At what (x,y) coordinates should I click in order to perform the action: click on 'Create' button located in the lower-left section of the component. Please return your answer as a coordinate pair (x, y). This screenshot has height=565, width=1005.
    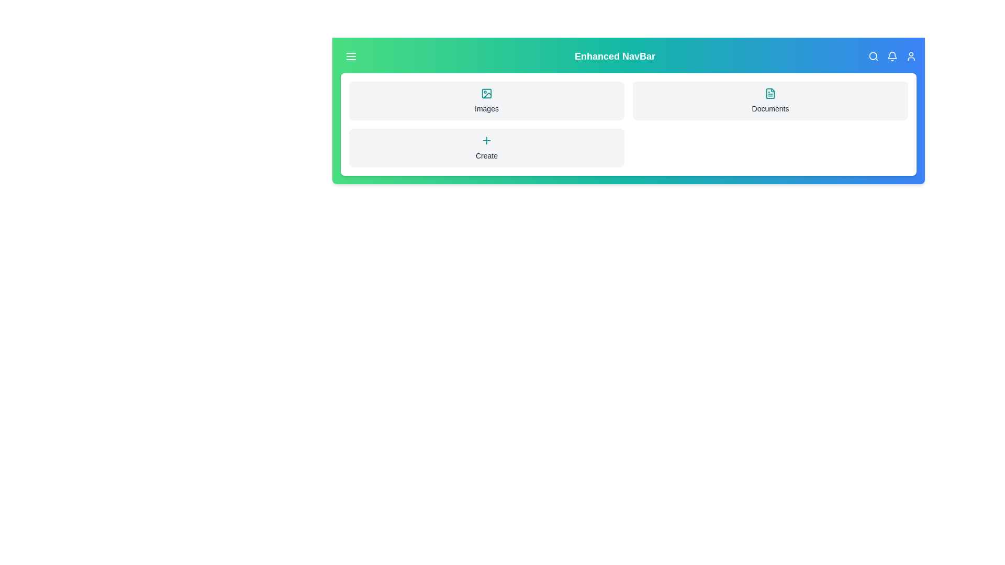
    Looking at the image, I should click on (486, 148).